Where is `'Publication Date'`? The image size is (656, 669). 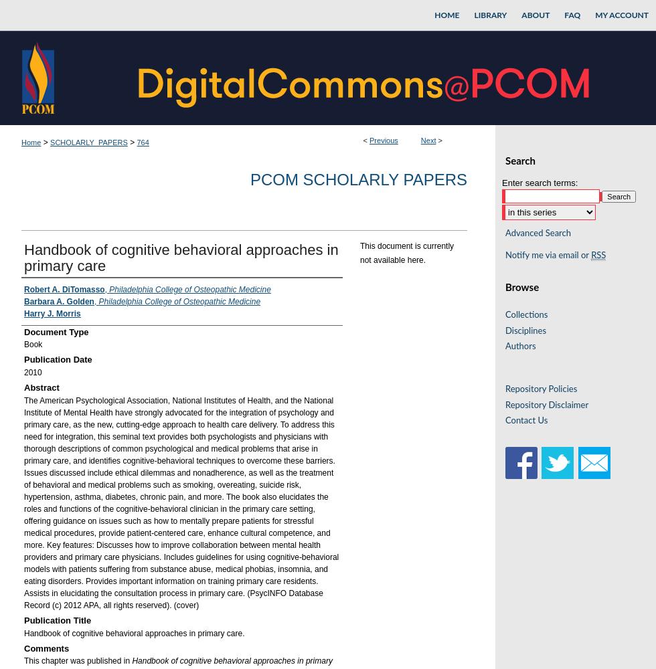 'Publication Date' is located at coordinates (58, 359).